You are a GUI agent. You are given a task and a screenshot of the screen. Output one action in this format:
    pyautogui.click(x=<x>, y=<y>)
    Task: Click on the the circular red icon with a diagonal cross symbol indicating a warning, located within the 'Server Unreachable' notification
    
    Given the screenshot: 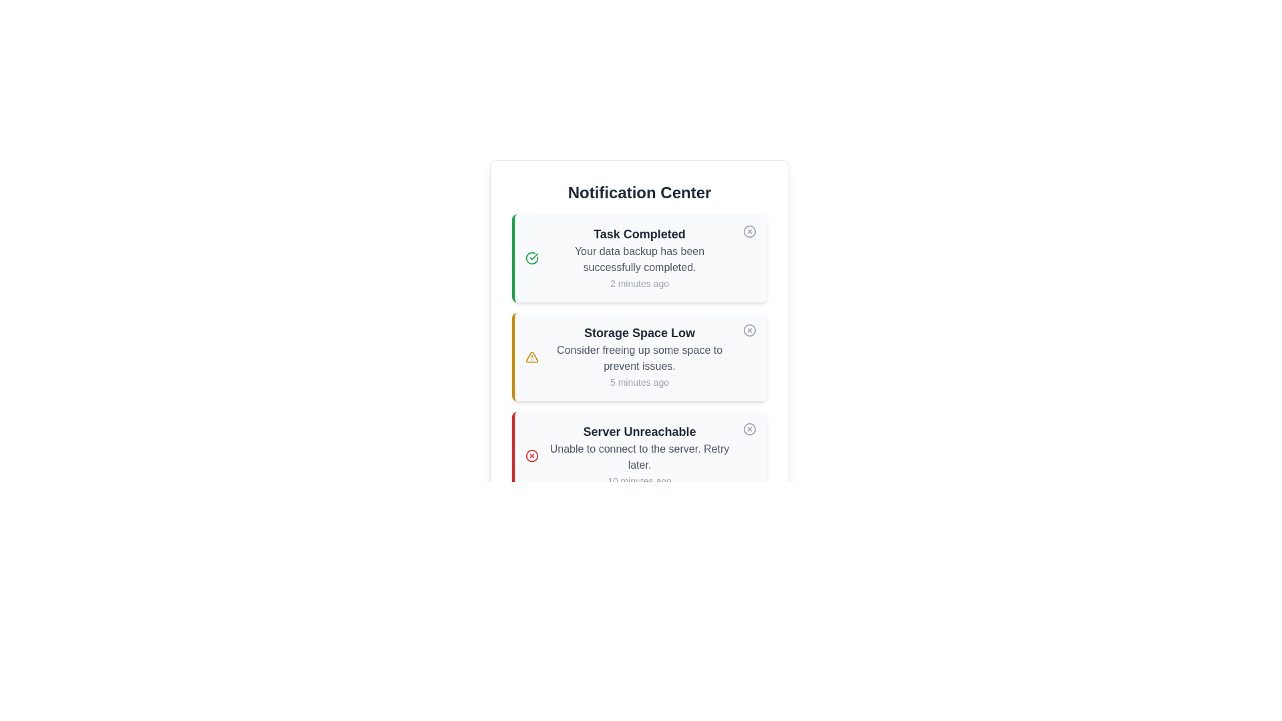 What is the action you would take?
    pyautogui.click(x=531, y=455)
    